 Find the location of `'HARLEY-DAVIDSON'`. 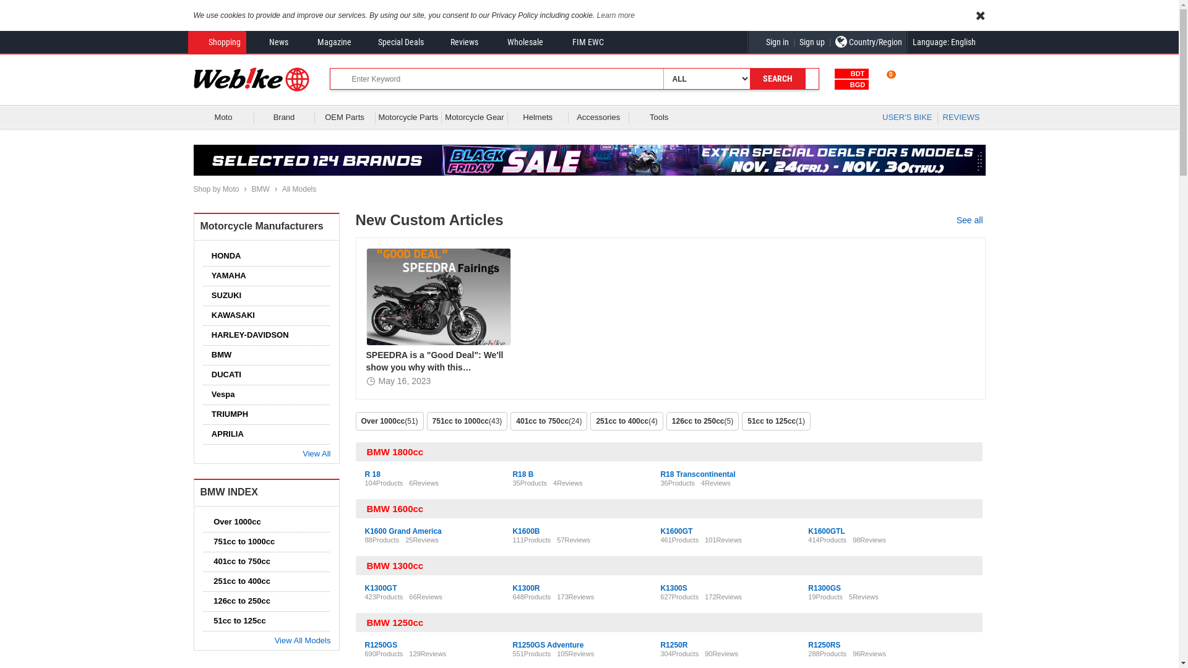

'HARLEY-DAVIDSON' is located at coordinates (247, 335).